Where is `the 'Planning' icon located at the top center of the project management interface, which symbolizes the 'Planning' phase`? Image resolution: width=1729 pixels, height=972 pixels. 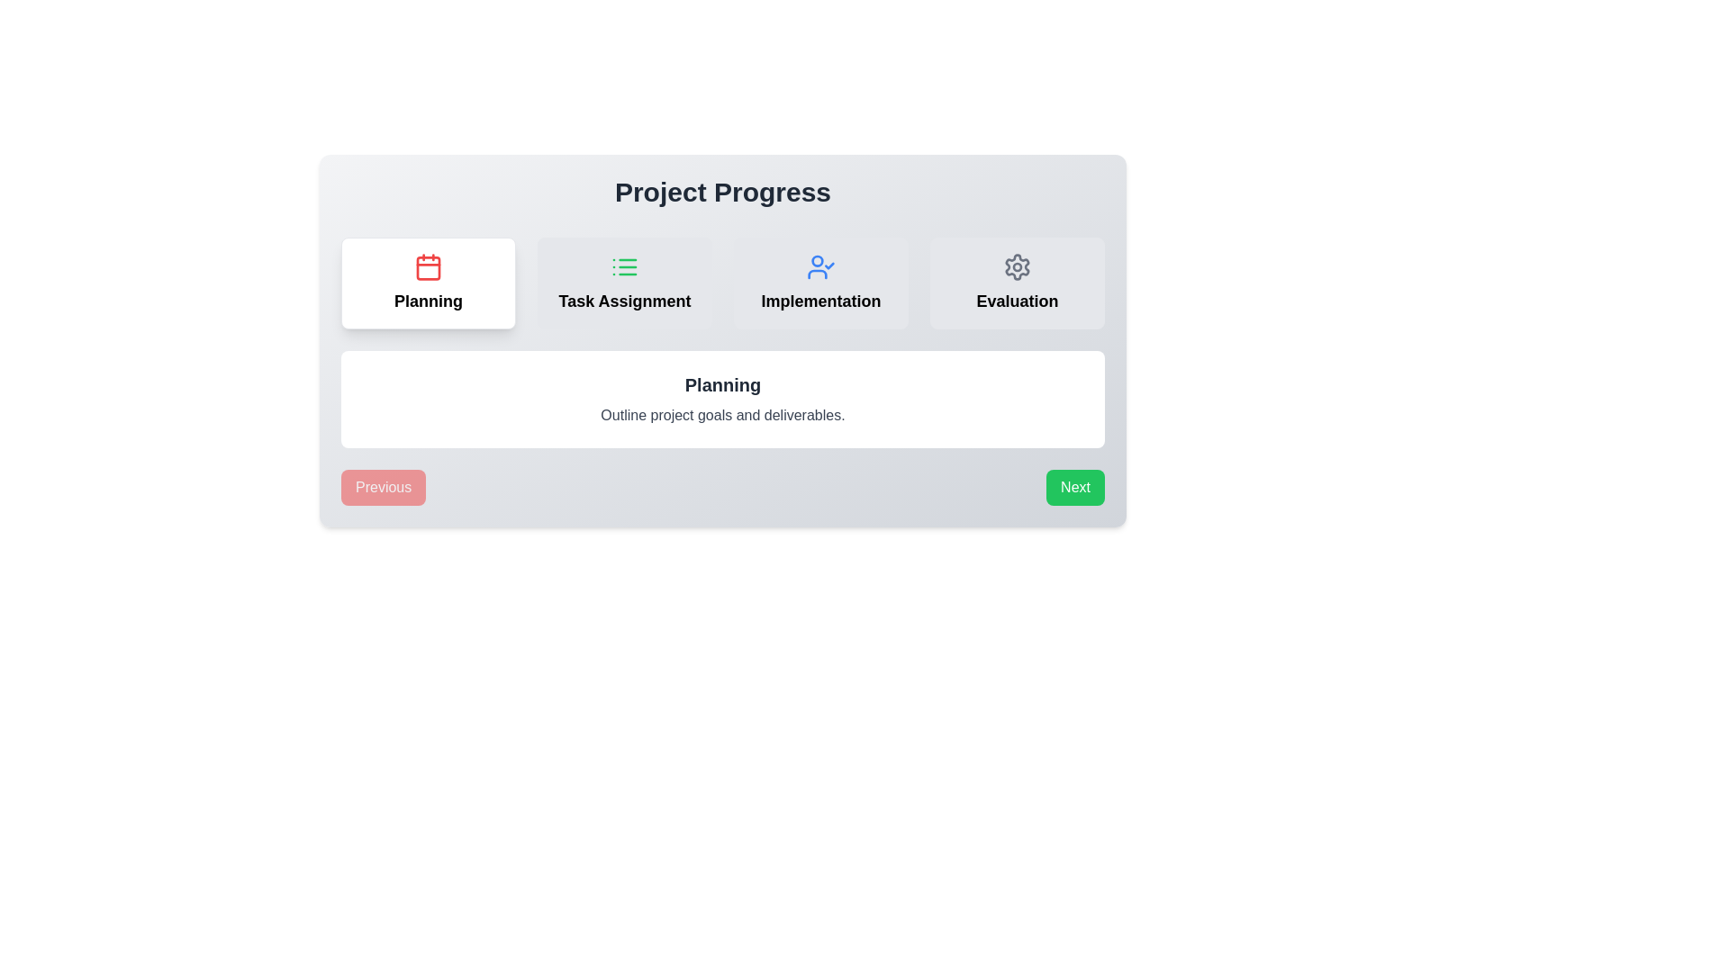 the 'Planning' icon located at the top center of the project management interface, which symbolizes the 'Planning' phase is located at coordinates (427, 267).